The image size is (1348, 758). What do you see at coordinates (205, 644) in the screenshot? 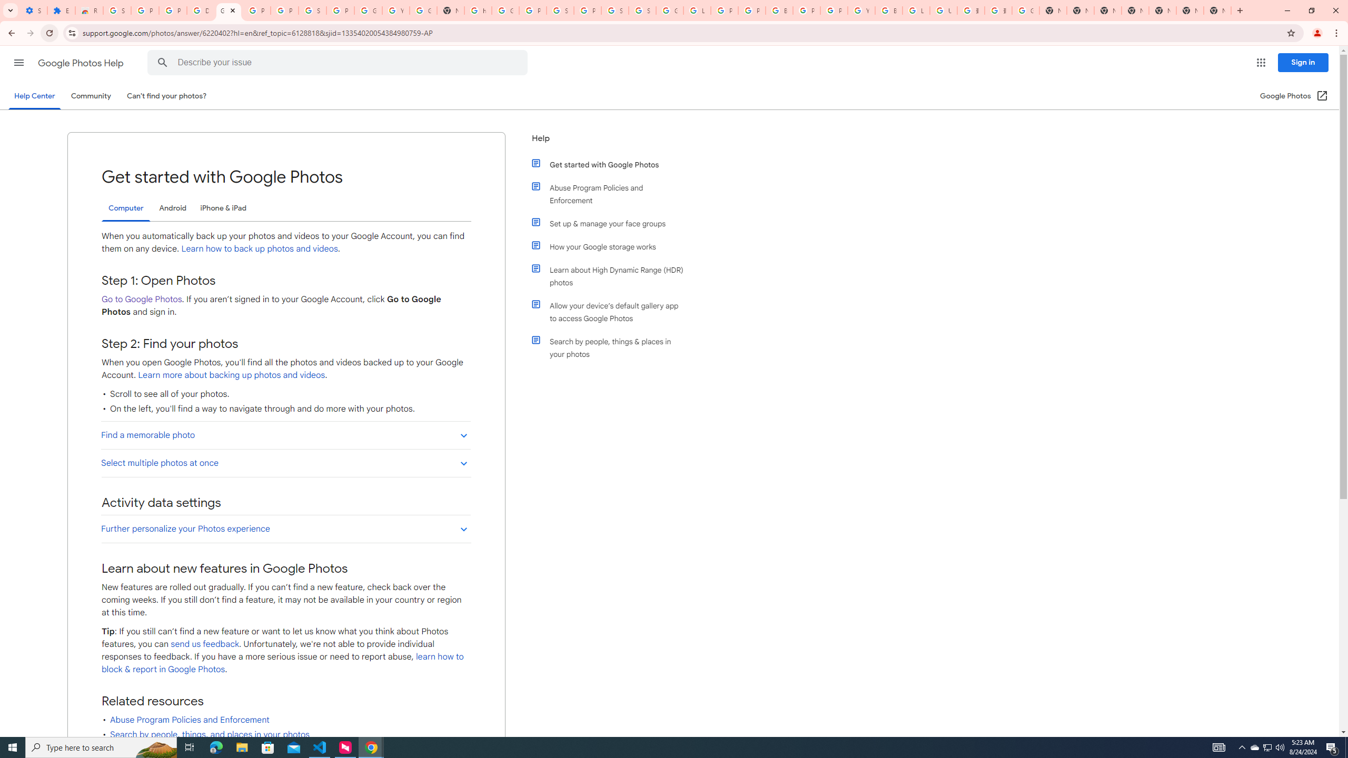
I see `'send us feedback'` at bounding box center [205, 644].